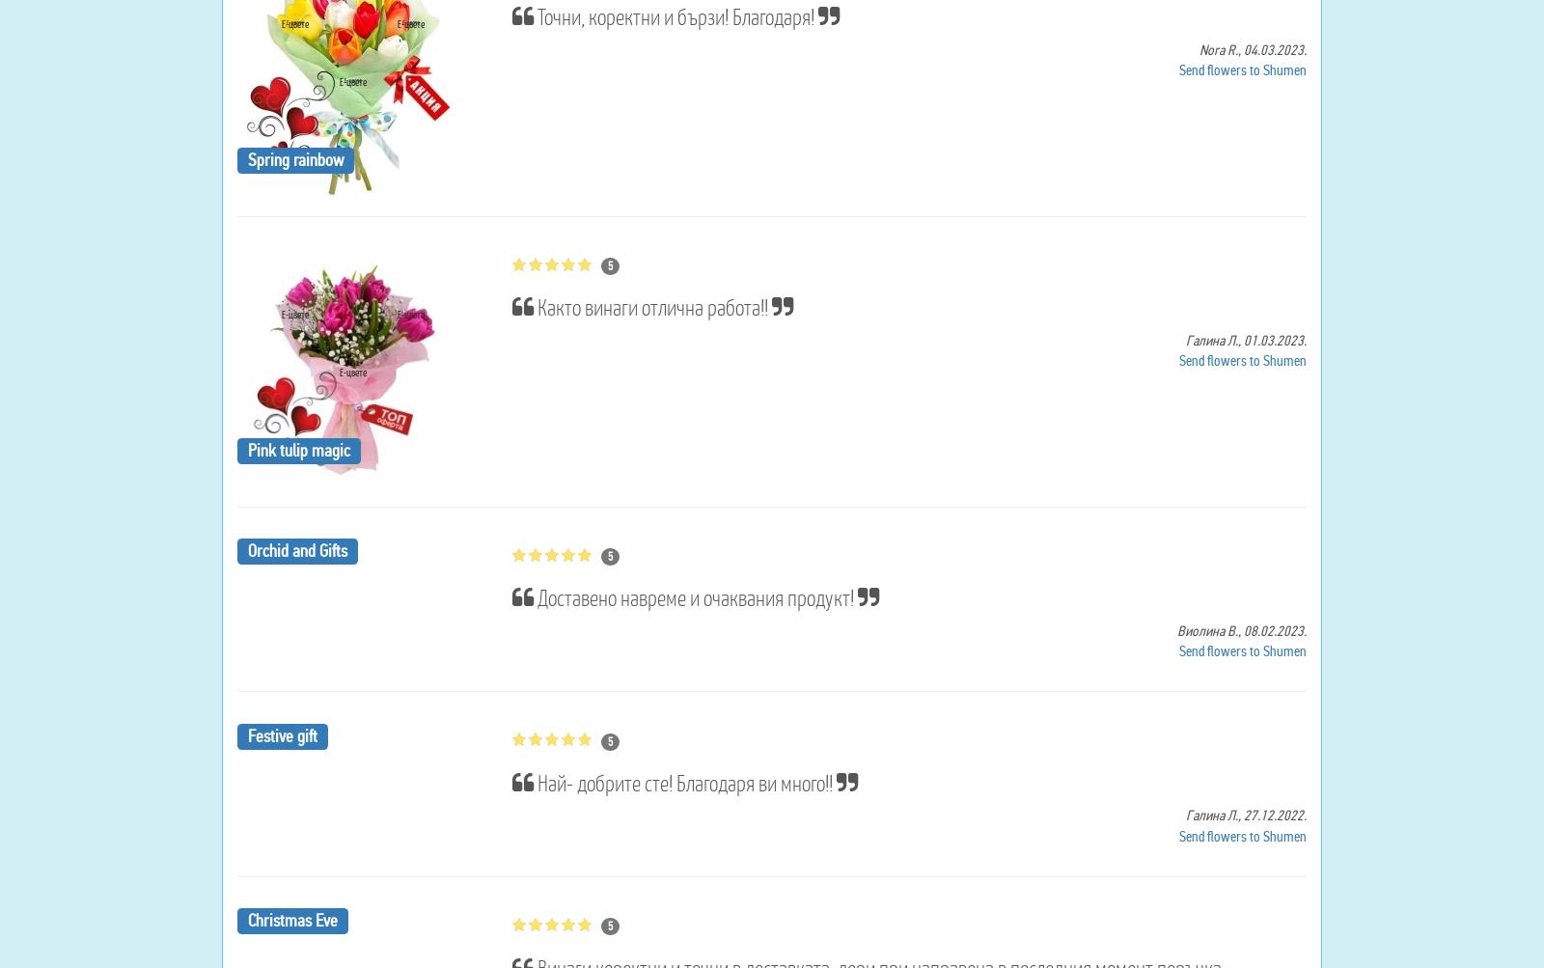  What do you see at coordinates (297, 449) in the screenshot?
I see `'Pink tulip magic'` at bounding box center [297, 449].